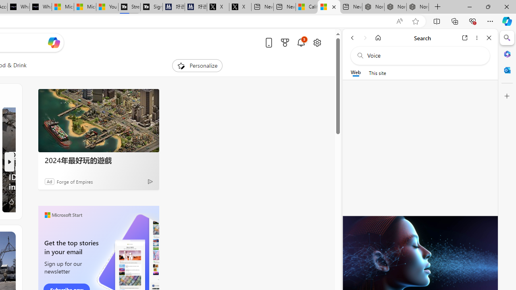 The height and width of the screenshot is (290, 516). What do you see at coordinates (365, 37) in the screenshot?
I see `'Forward'` at bounding box center [365, 37].